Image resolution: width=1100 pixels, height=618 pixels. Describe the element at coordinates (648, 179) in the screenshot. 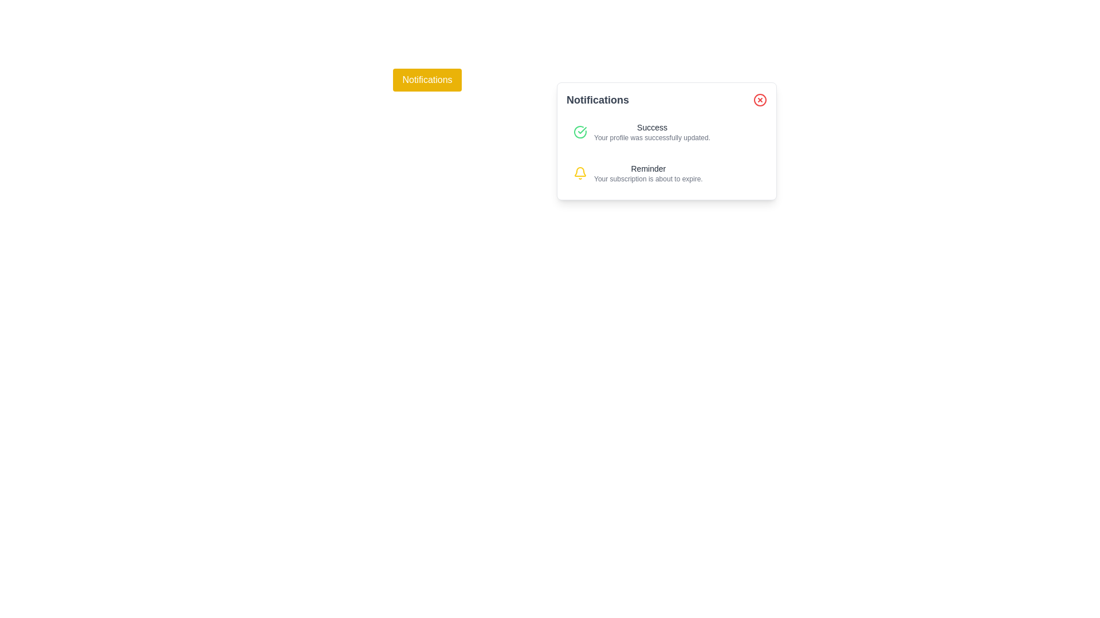

I see `the text label displaying 'Your subscription is about to expire.' which is positioned below the 'Reminder' text in a notification card` at that location.